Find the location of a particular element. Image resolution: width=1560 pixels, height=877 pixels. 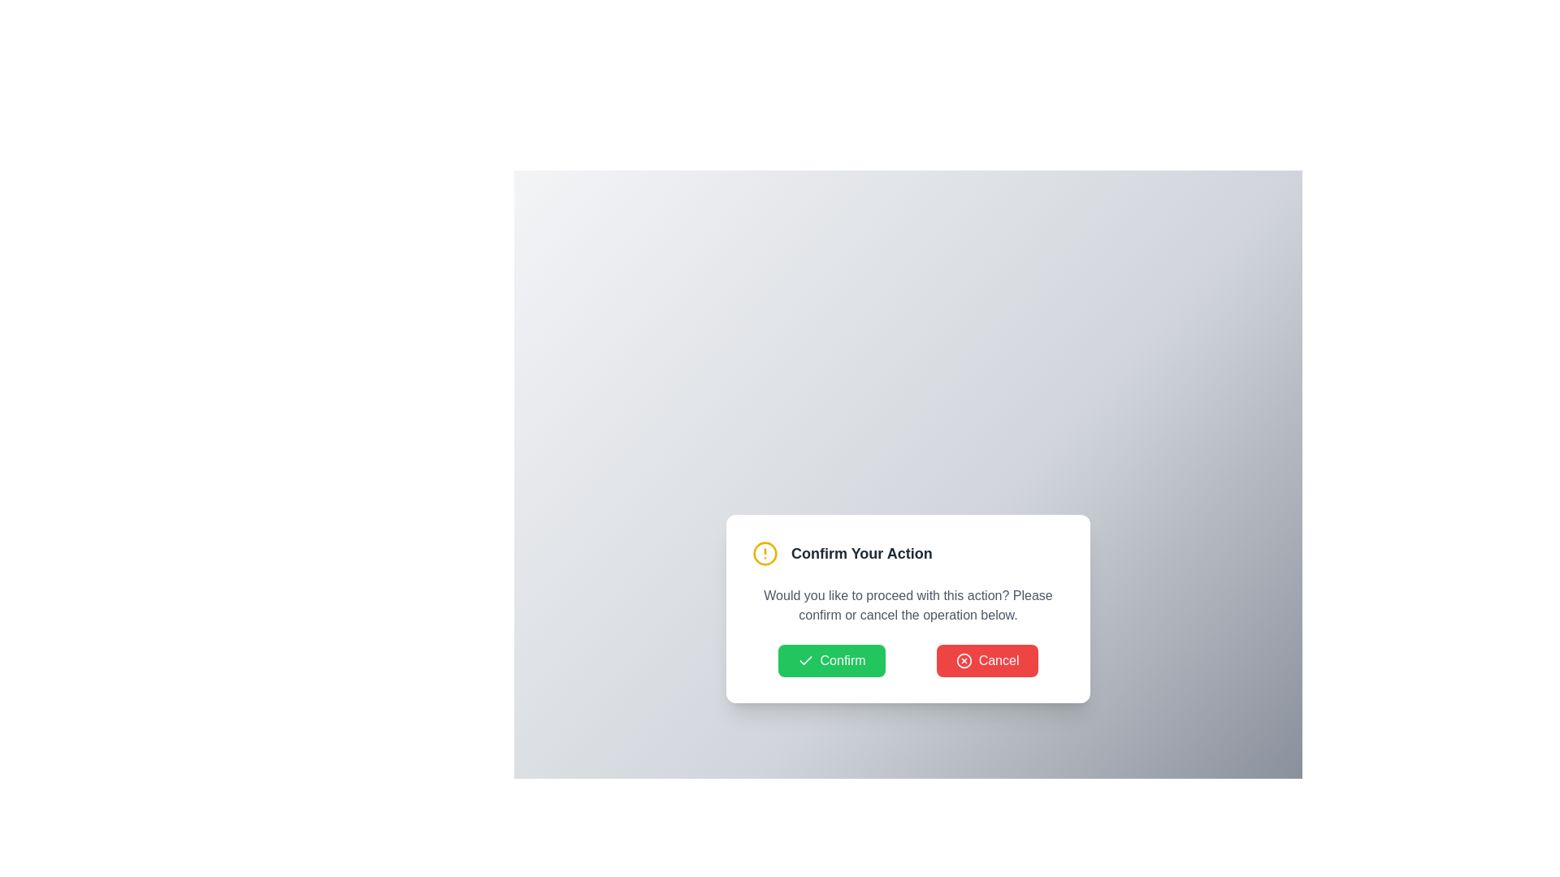

the heading element of the modal dialog that confirms an action, which is located near the top and is visually paired with a warning icon is located at coordinates (860, 553).